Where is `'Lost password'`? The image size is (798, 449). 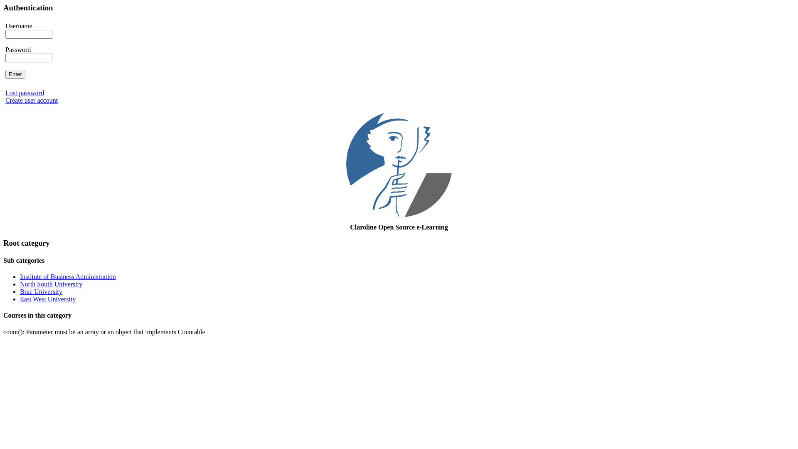 'Lost password' is located at coordinates (25, 93).